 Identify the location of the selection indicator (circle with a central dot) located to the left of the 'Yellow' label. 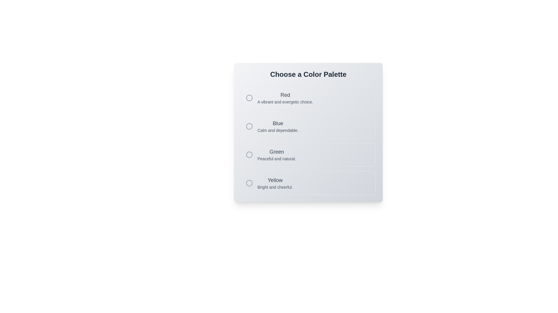
(249, 183).